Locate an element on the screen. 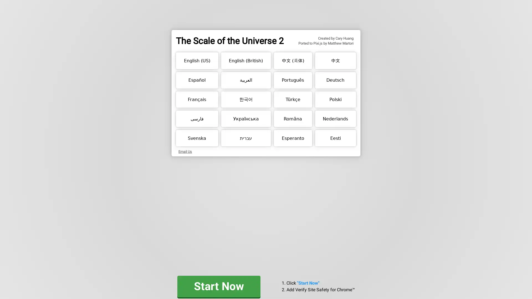 This screenshot has width=532, height=299. Polski is located at coordinates (335, 99).